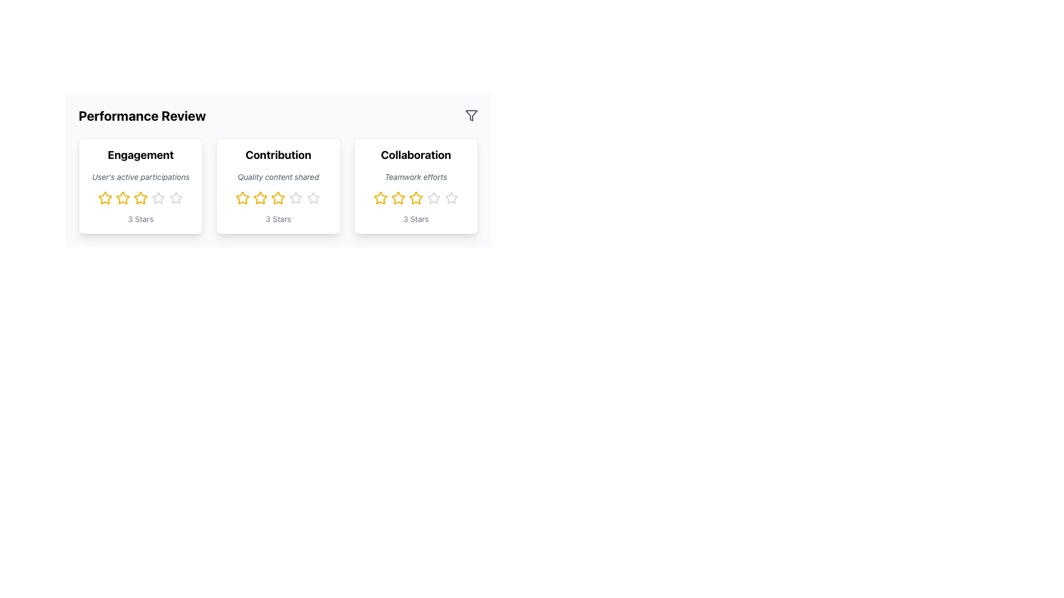 The height and width of the screenshot is (598, 1064). What do you see at coordinates (278, 177) in the screenshot?
I see `the text element that displays 'Quality content shared' in a small italicized font and gray color, located within the 'Contribution' card` at bounding box center [278, 177].